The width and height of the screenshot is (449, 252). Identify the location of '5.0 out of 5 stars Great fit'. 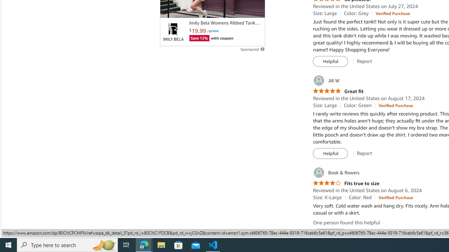
(338, 91).